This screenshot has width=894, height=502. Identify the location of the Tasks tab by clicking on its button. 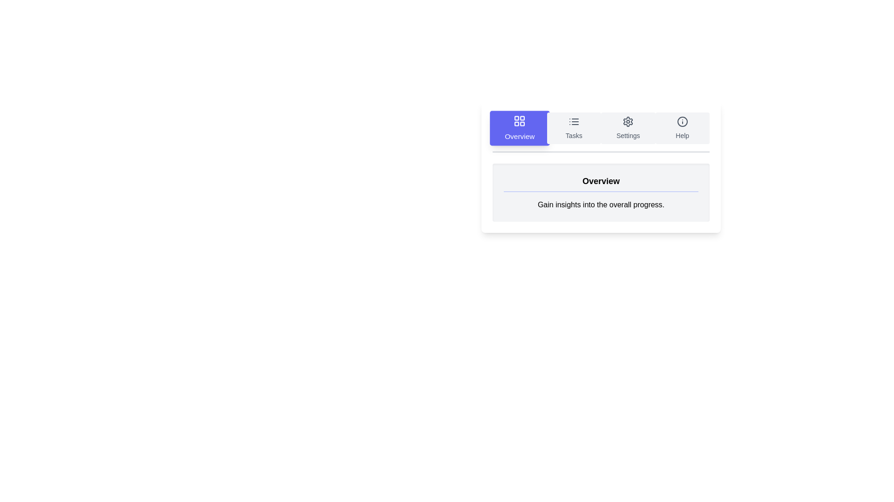
(573, 128).